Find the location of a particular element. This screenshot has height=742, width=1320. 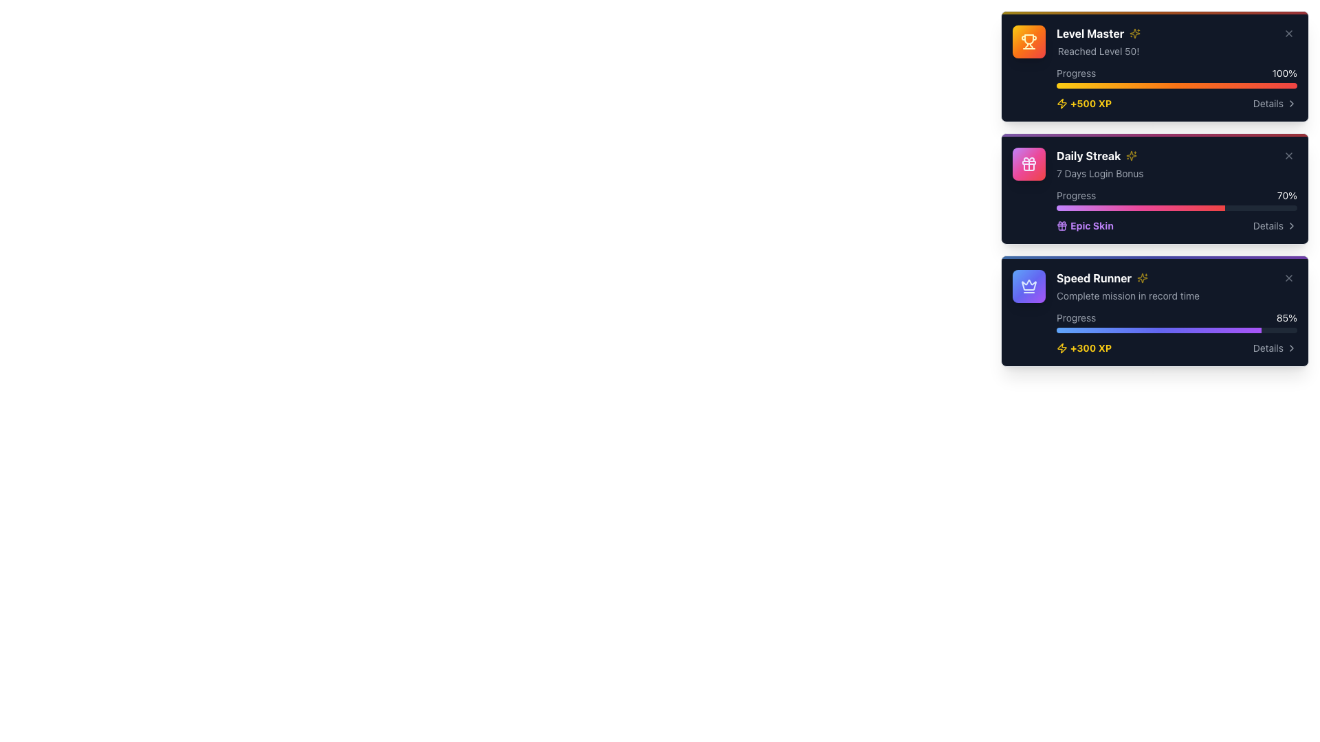

Text label that describes the progress of the 'Speed Runner' task, located in the lower section of the third card from the top, aligned to the left of the card, below the title section, adjacent to the progress bar and the '85%' text, for additional details in the debugging tools is located at coordinates (1075, 317).